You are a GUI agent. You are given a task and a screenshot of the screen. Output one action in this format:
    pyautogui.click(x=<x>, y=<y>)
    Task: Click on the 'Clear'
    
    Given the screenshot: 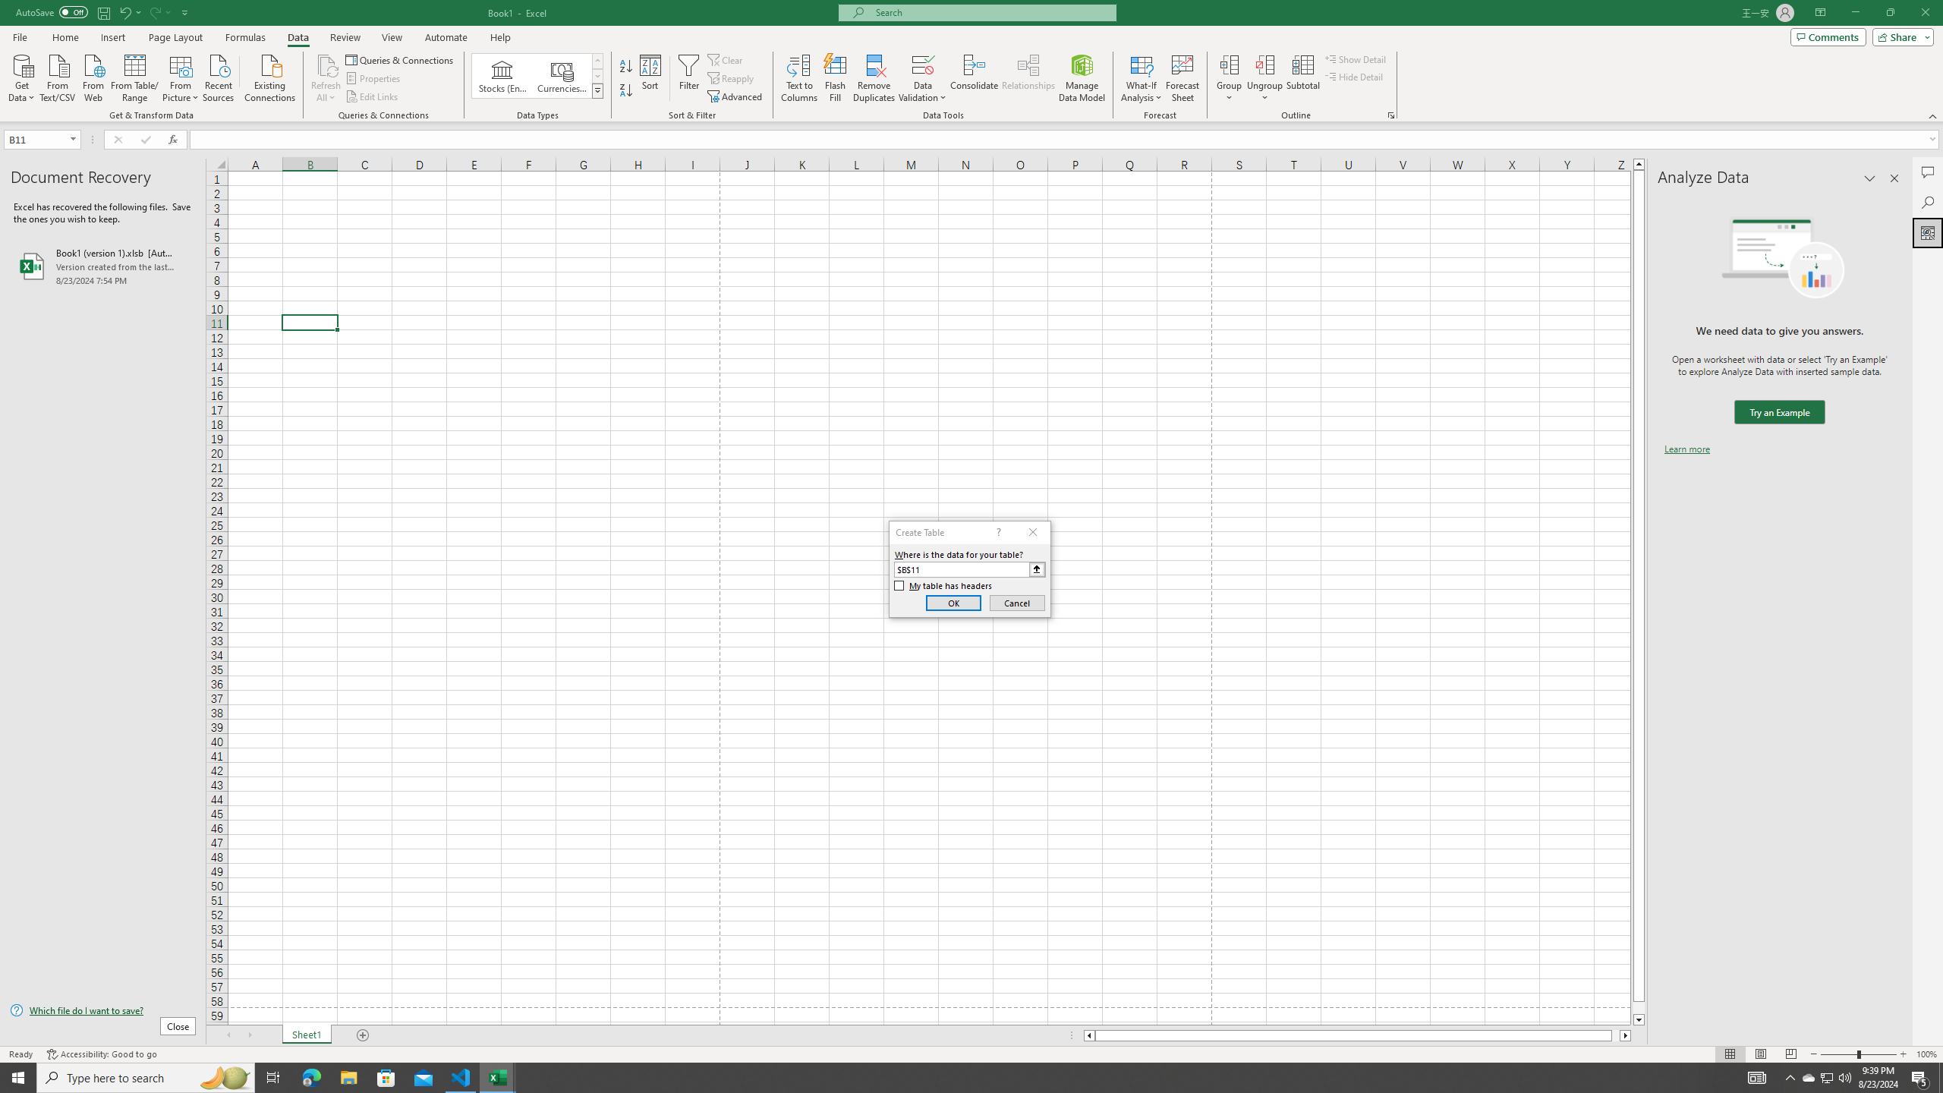 What is the action you would take?
    pyautogui.click(x=726, y=59)
    